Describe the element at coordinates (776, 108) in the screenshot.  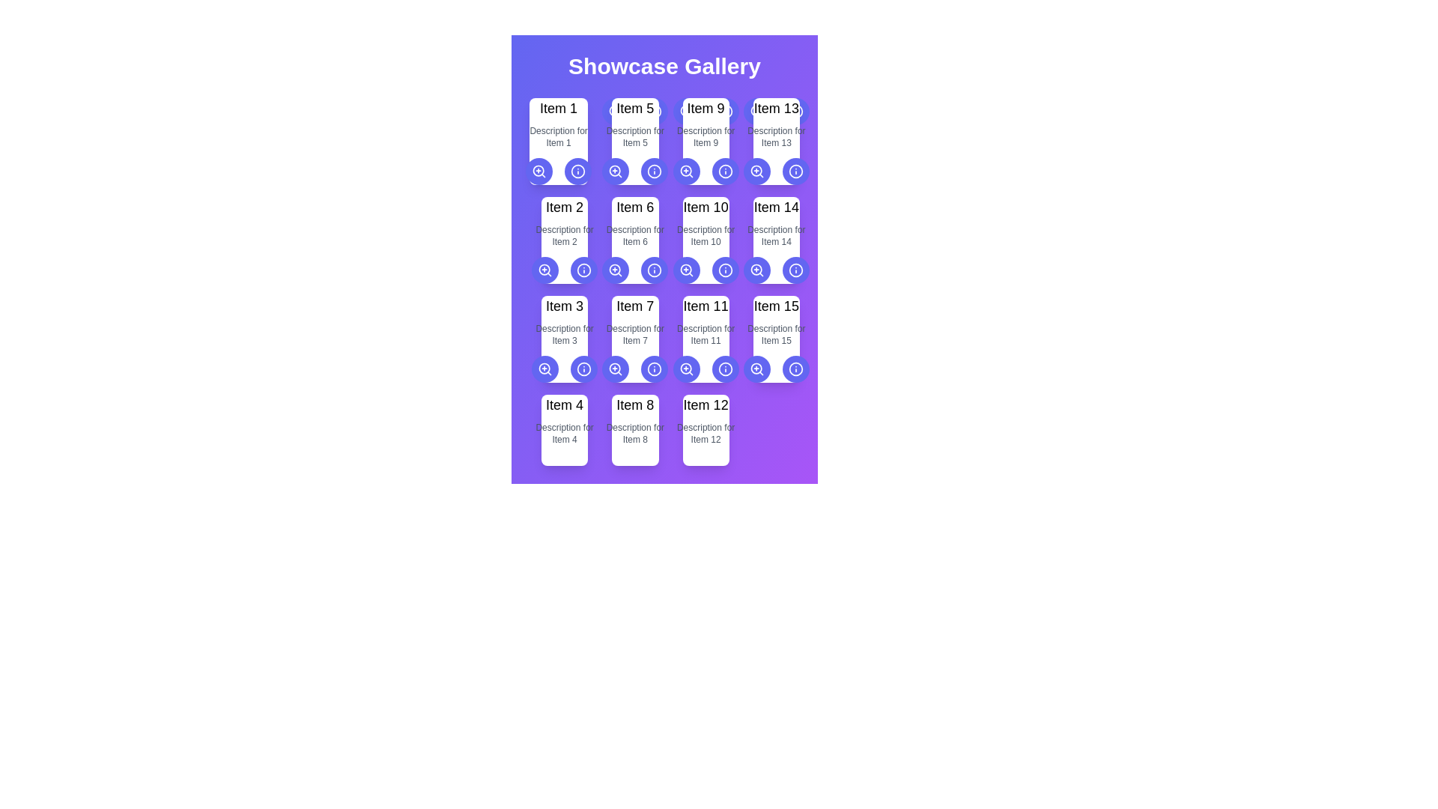
I see `the text label 'Item 13' located in the fourth row and fourth column of the grid under 'Showcase Gallery'` at that location.